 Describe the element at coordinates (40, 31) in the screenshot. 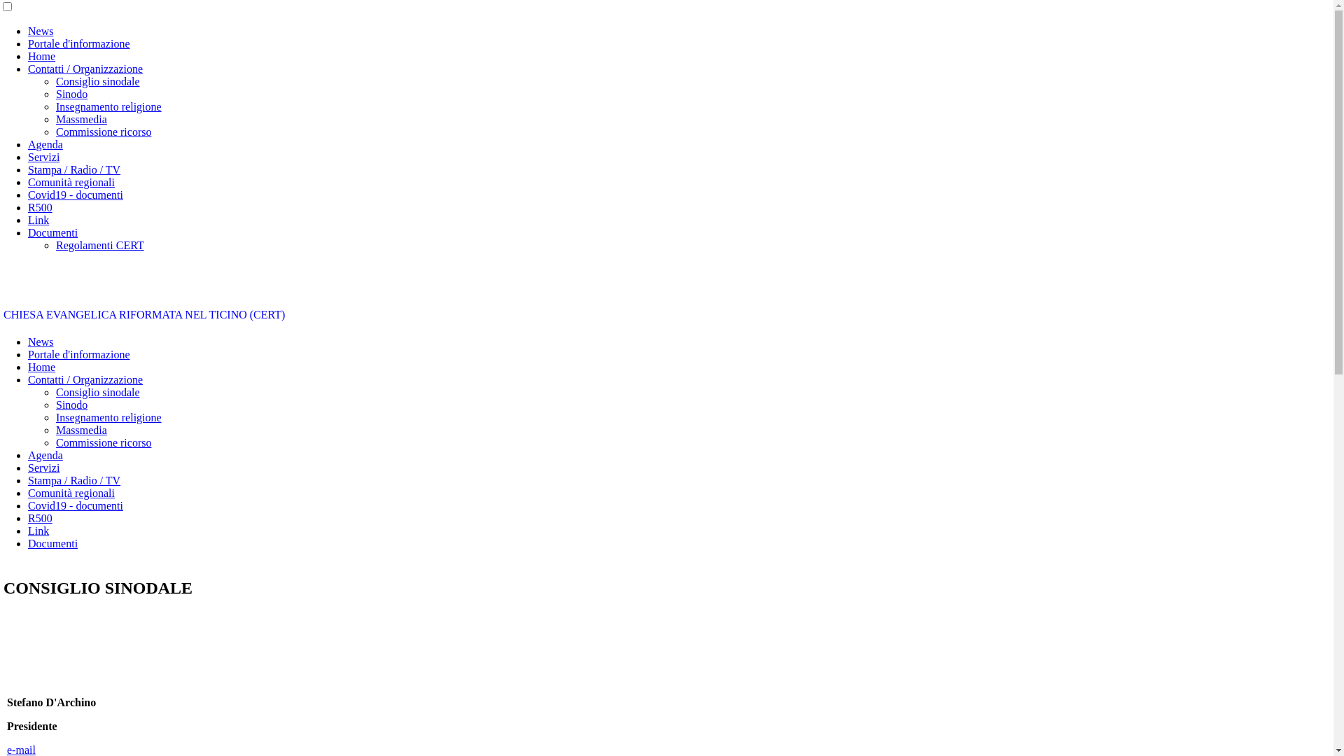

I see `'News'` at that location.